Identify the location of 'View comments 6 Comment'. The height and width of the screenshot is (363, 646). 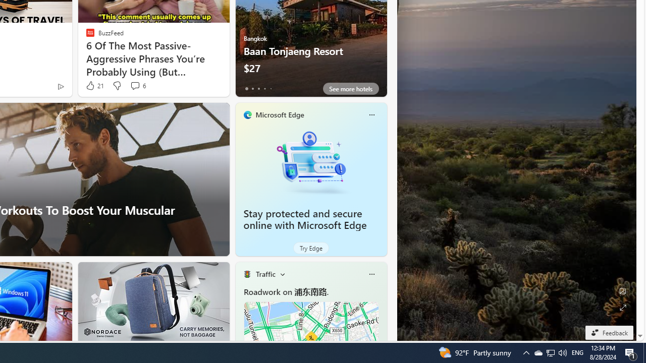
(134, 85).